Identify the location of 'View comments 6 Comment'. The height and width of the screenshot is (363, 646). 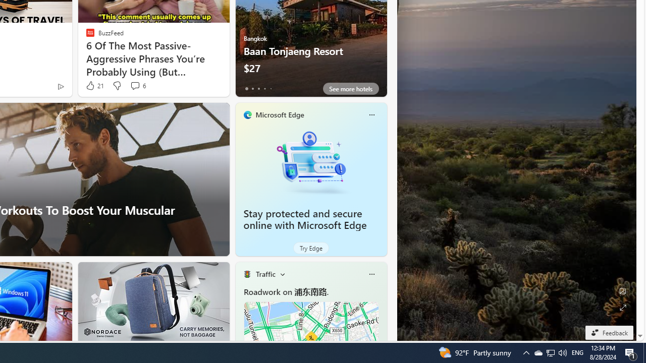
(134, 85).